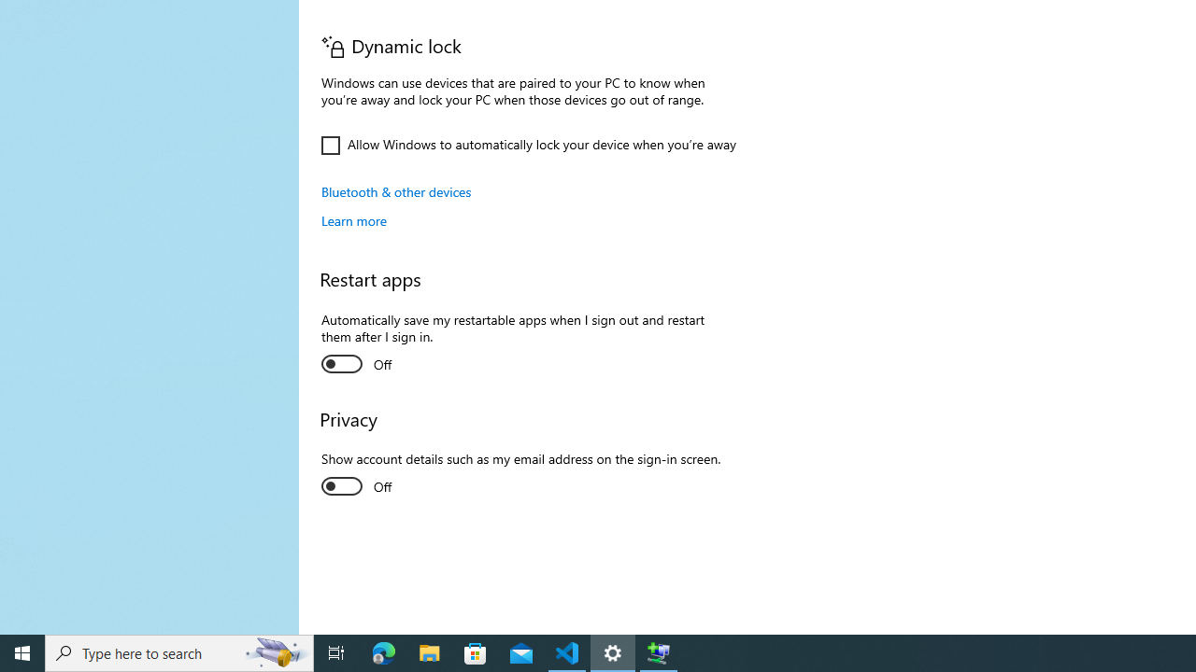  I want to click on 'Extensible Wizards Host Process - 1 running window', so click(659, 651).